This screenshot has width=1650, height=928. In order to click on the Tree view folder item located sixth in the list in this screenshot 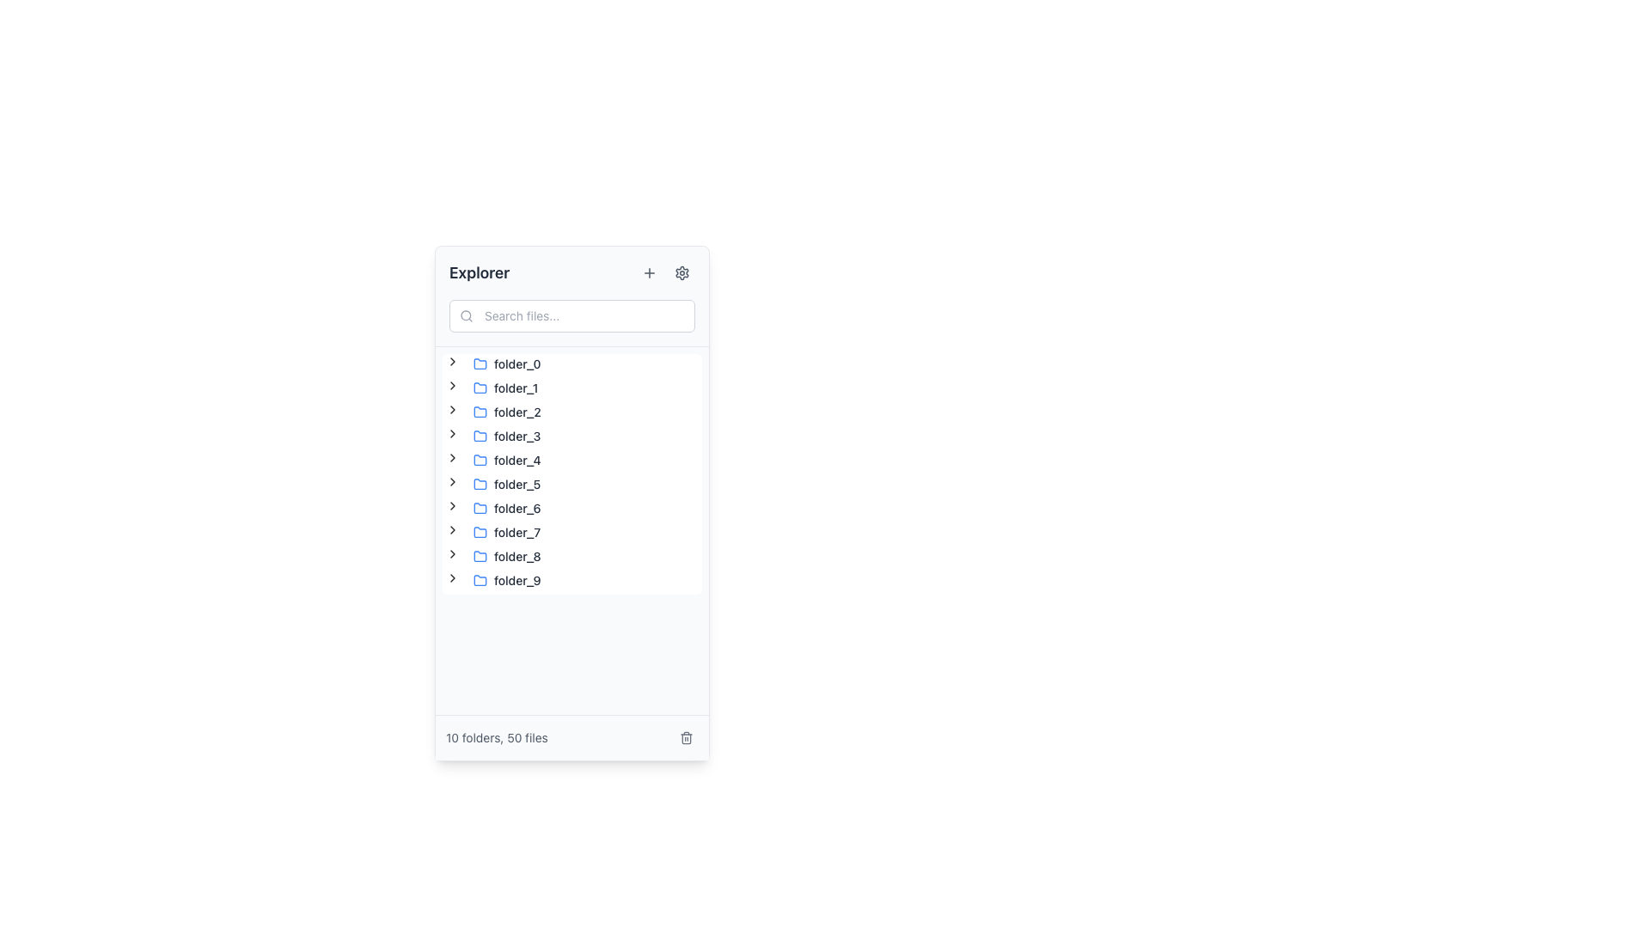, I will do `click(494, 507)`.